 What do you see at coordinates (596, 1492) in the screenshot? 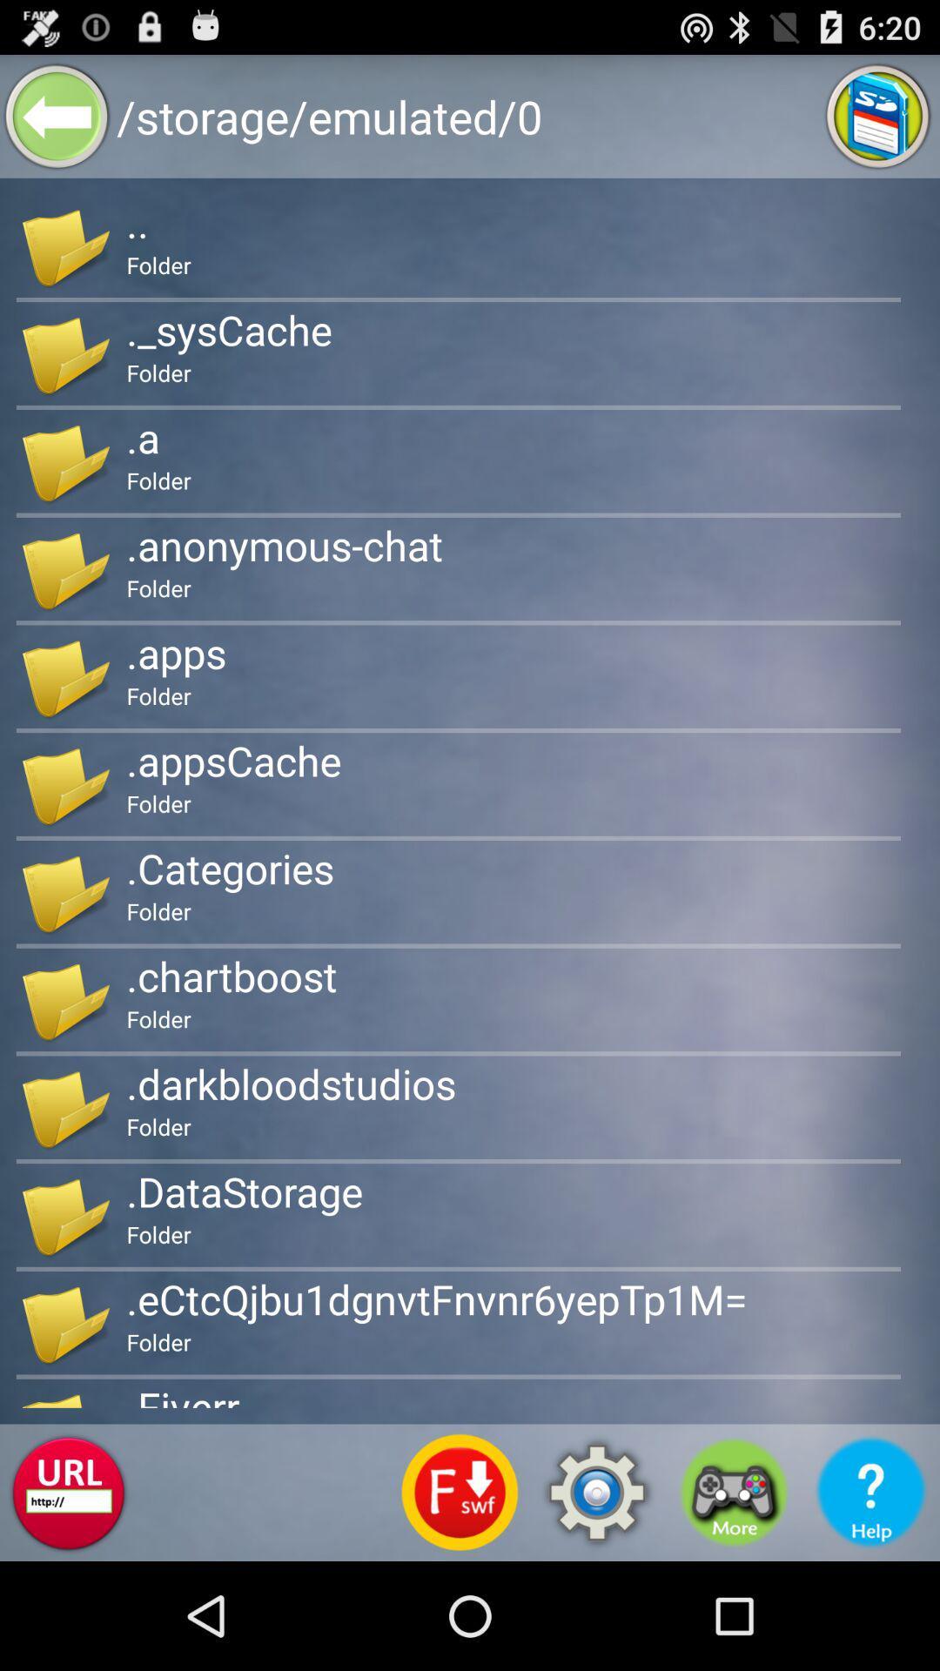
I see `the settings page` at bounding box center [596, 1492].